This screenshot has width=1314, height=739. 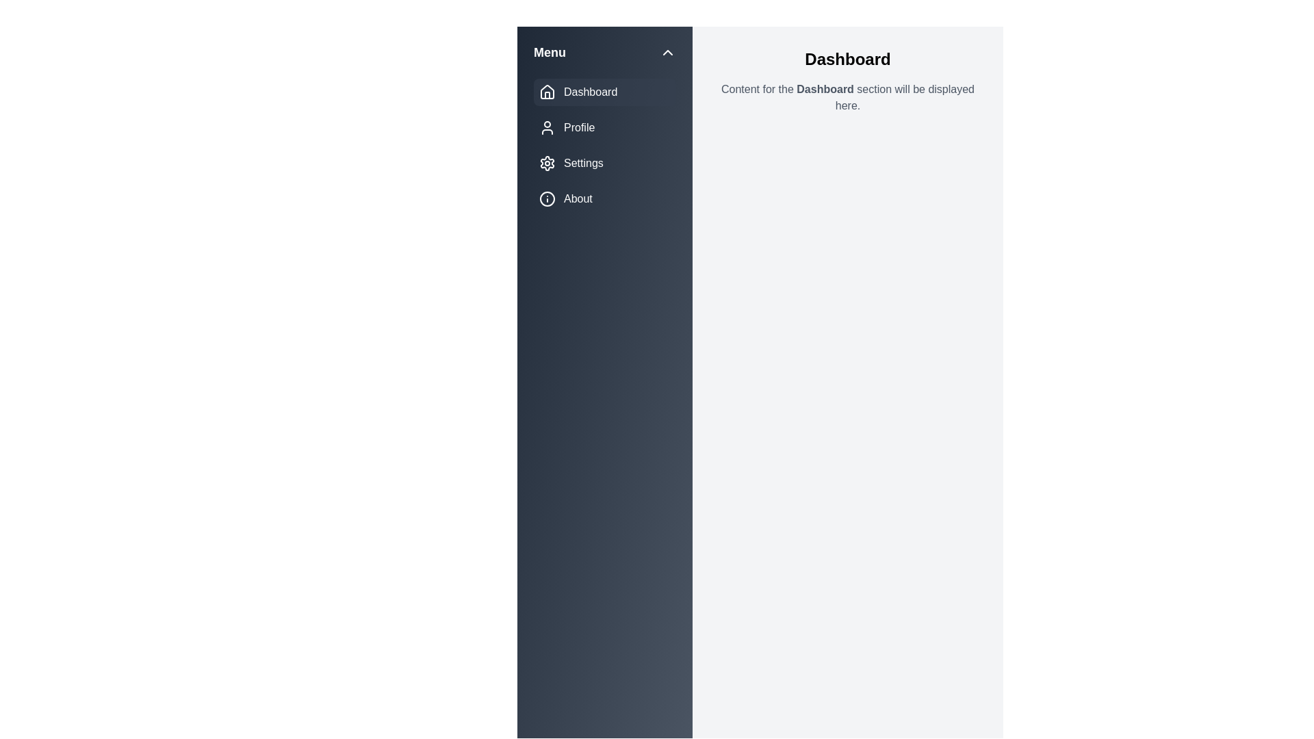 I want to click on the 'Dashboard' icon located at the top of the sidebar menu, so click(x=547, y=92).